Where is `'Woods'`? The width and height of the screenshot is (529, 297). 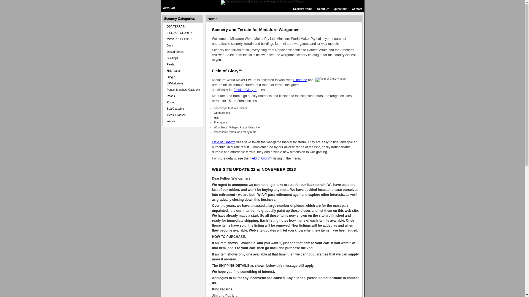 'Woods' is located at coordinates (171, 121).